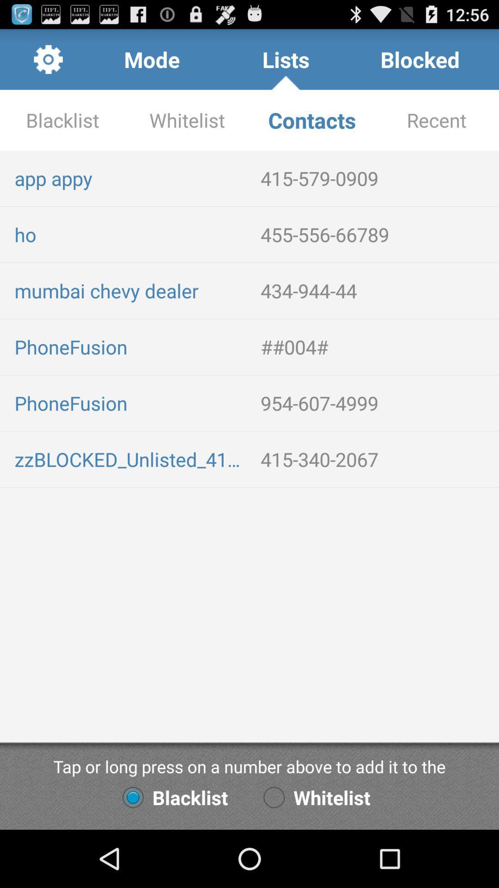  I want to click on item next to the 415-340-2067 app, so click(130, 459).